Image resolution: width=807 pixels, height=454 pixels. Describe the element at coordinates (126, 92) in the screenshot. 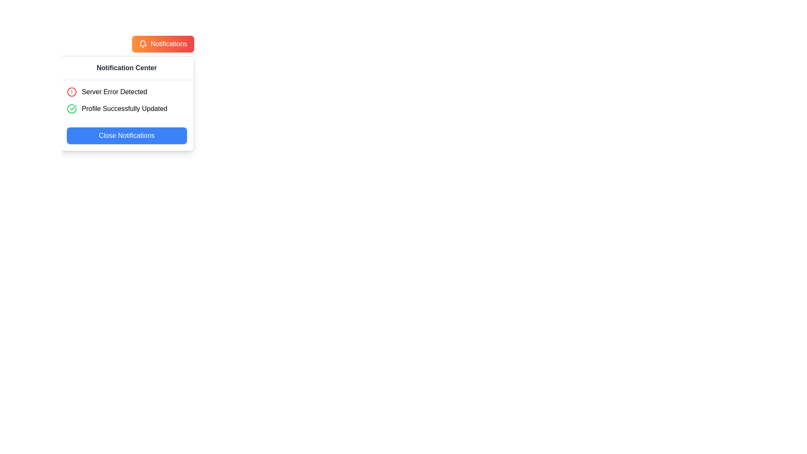

I see `text of the Notification Item displaying 'Server Error Detected', which is a horizontal bar with a red alert icon on the left` at that location.